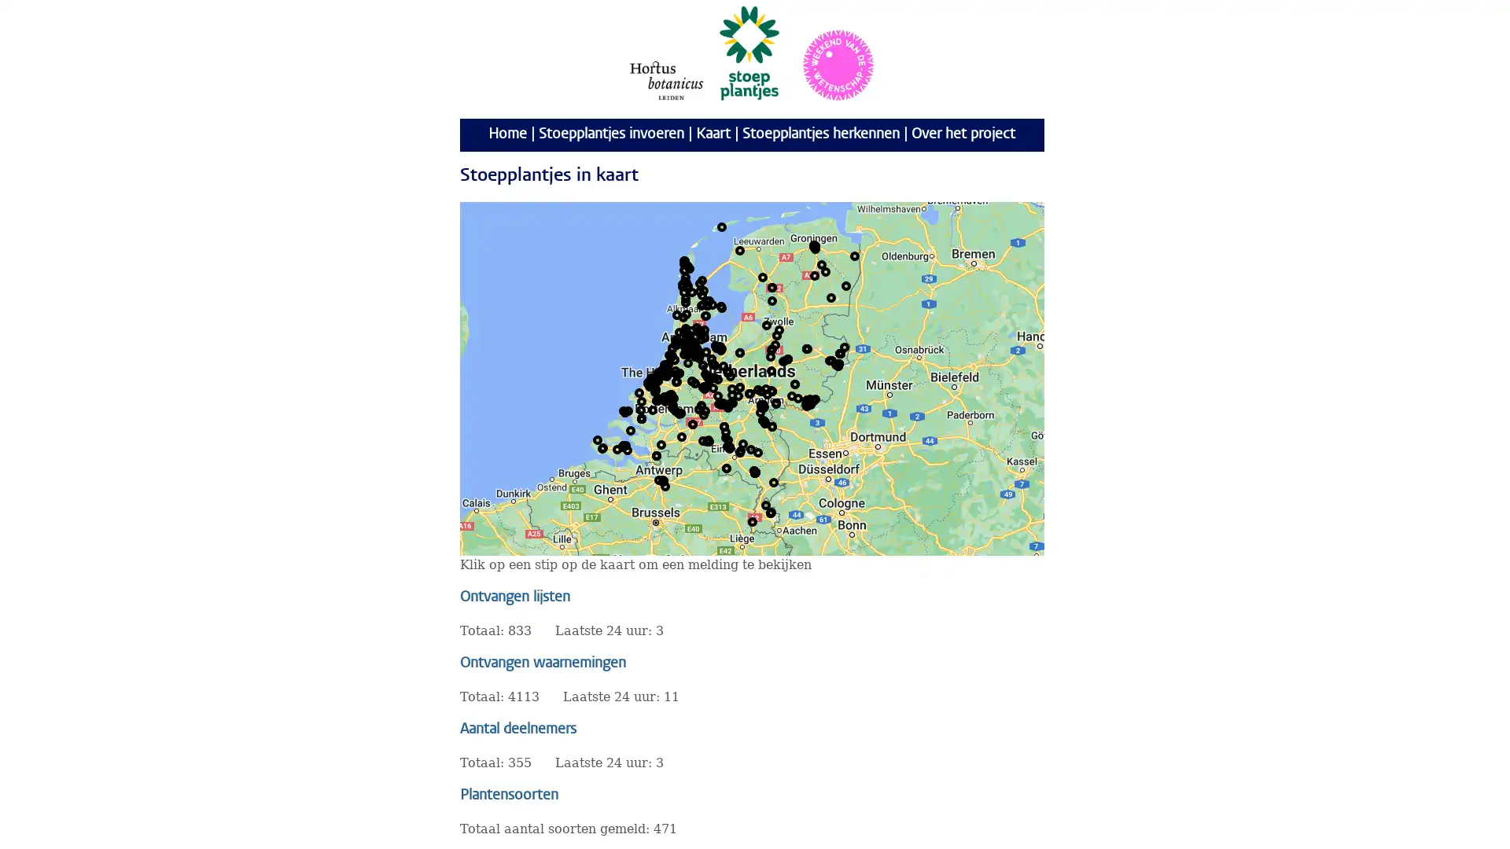  Describe the element at coordinates (642, 417) in the screenshot. I see `Telling van Mirthe op 03 juni 2022` at that location.